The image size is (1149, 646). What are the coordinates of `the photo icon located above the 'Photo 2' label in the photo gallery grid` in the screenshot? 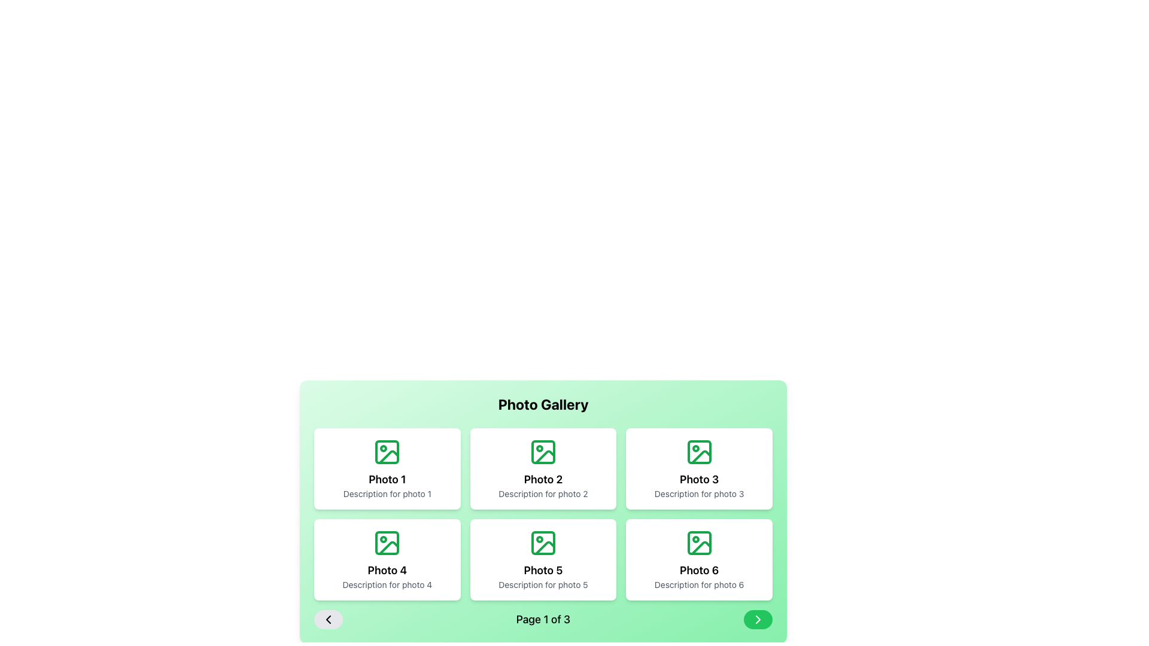 It's located at (542, 452).